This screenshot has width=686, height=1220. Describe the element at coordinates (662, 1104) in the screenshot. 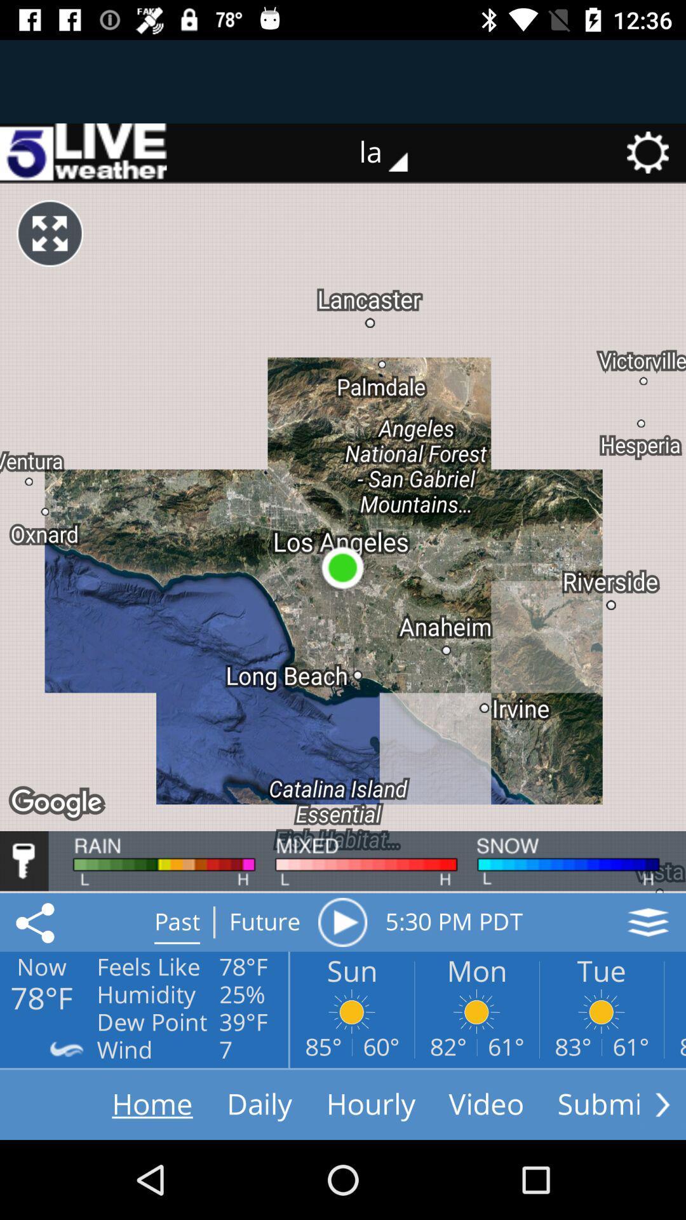

I see `the arrow_forward icon` at that location.